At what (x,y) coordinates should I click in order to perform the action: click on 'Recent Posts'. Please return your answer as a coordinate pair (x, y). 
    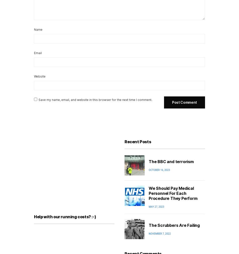
    Looking at the image, I should click on (138, 142).